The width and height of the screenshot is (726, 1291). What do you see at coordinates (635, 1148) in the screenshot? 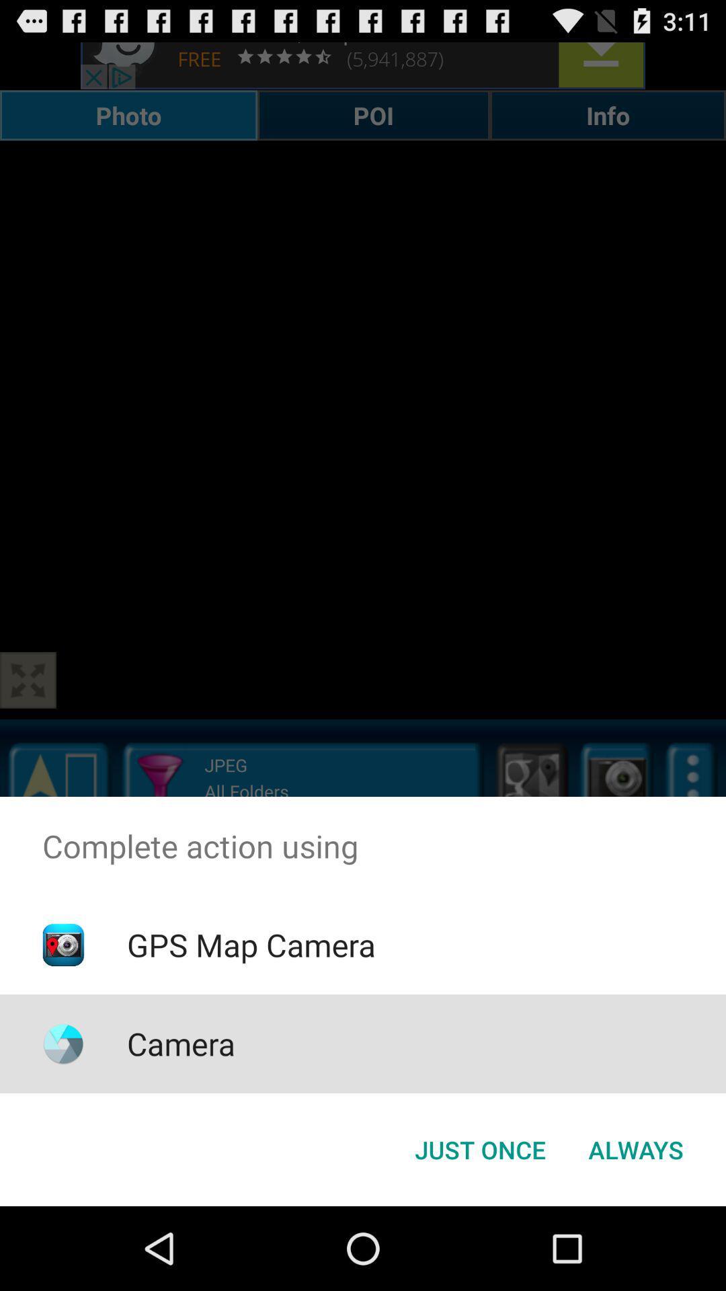
I see `always button` at bounding box center [635, 1148].